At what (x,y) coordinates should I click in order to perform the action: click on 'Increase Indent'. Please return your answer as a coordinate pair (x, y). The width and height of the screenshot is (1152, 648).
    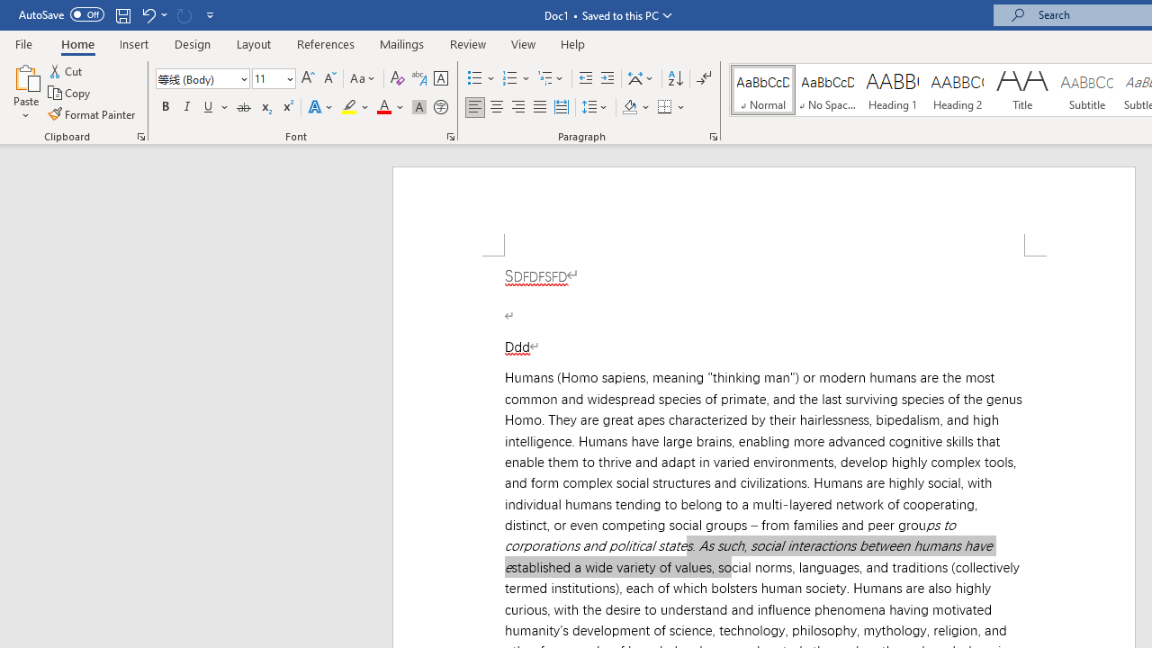
    Looking at the image, I should click on (607, 77).